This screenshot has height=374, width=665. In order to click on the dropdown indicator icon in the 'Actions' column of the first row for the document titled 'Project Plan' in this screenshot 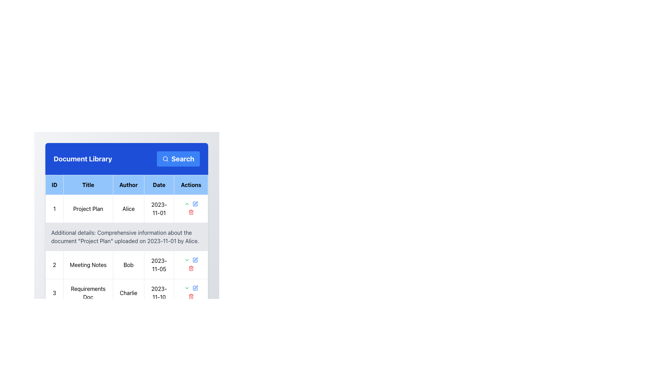, I will do `click(187, 288)`.